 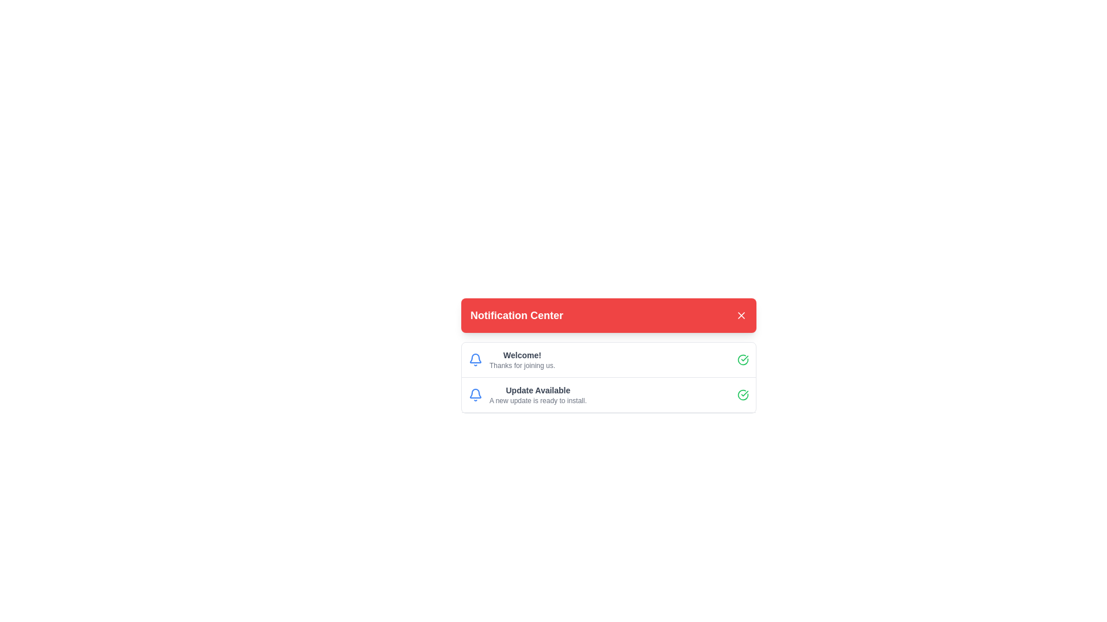 I want to click on text content of the notification message located in the first notification row of the notification center modal, positioned beneath the title bar, to the right of the bell icon and to the left of the green checkmark icon, so click(x=522, y=359).